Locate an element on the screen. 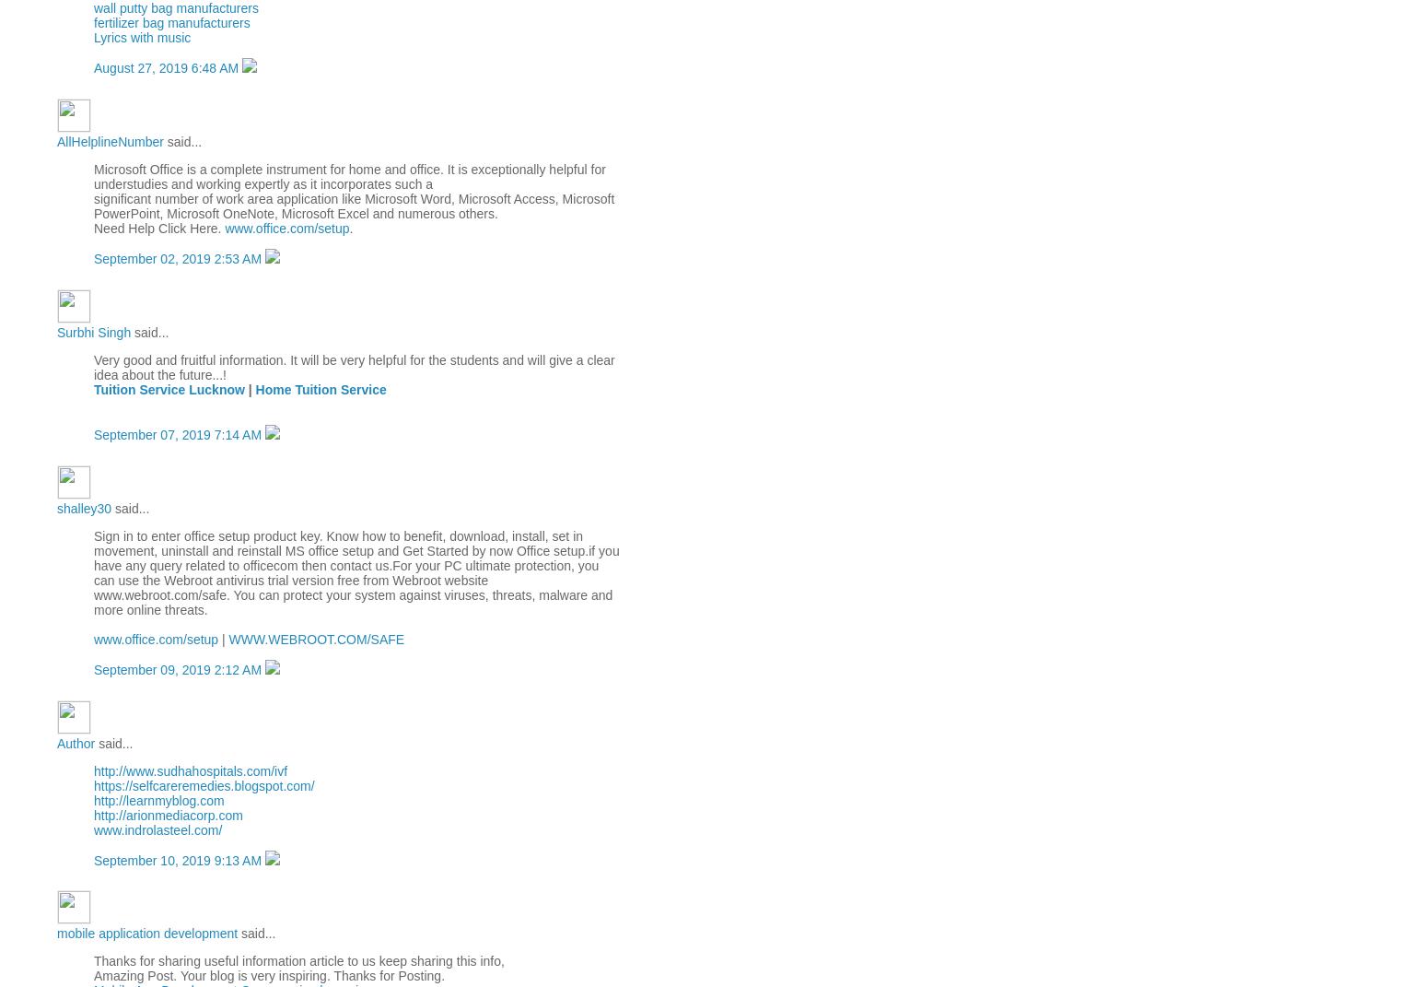 Image resolution: width=1423 pixels, height=987 pixels. 'Microsoft Office is a complete instrument for home and office. It is exceptionally helpful for understudies and working expertly as it incorporates such a' is located at coordinates (348, 176).